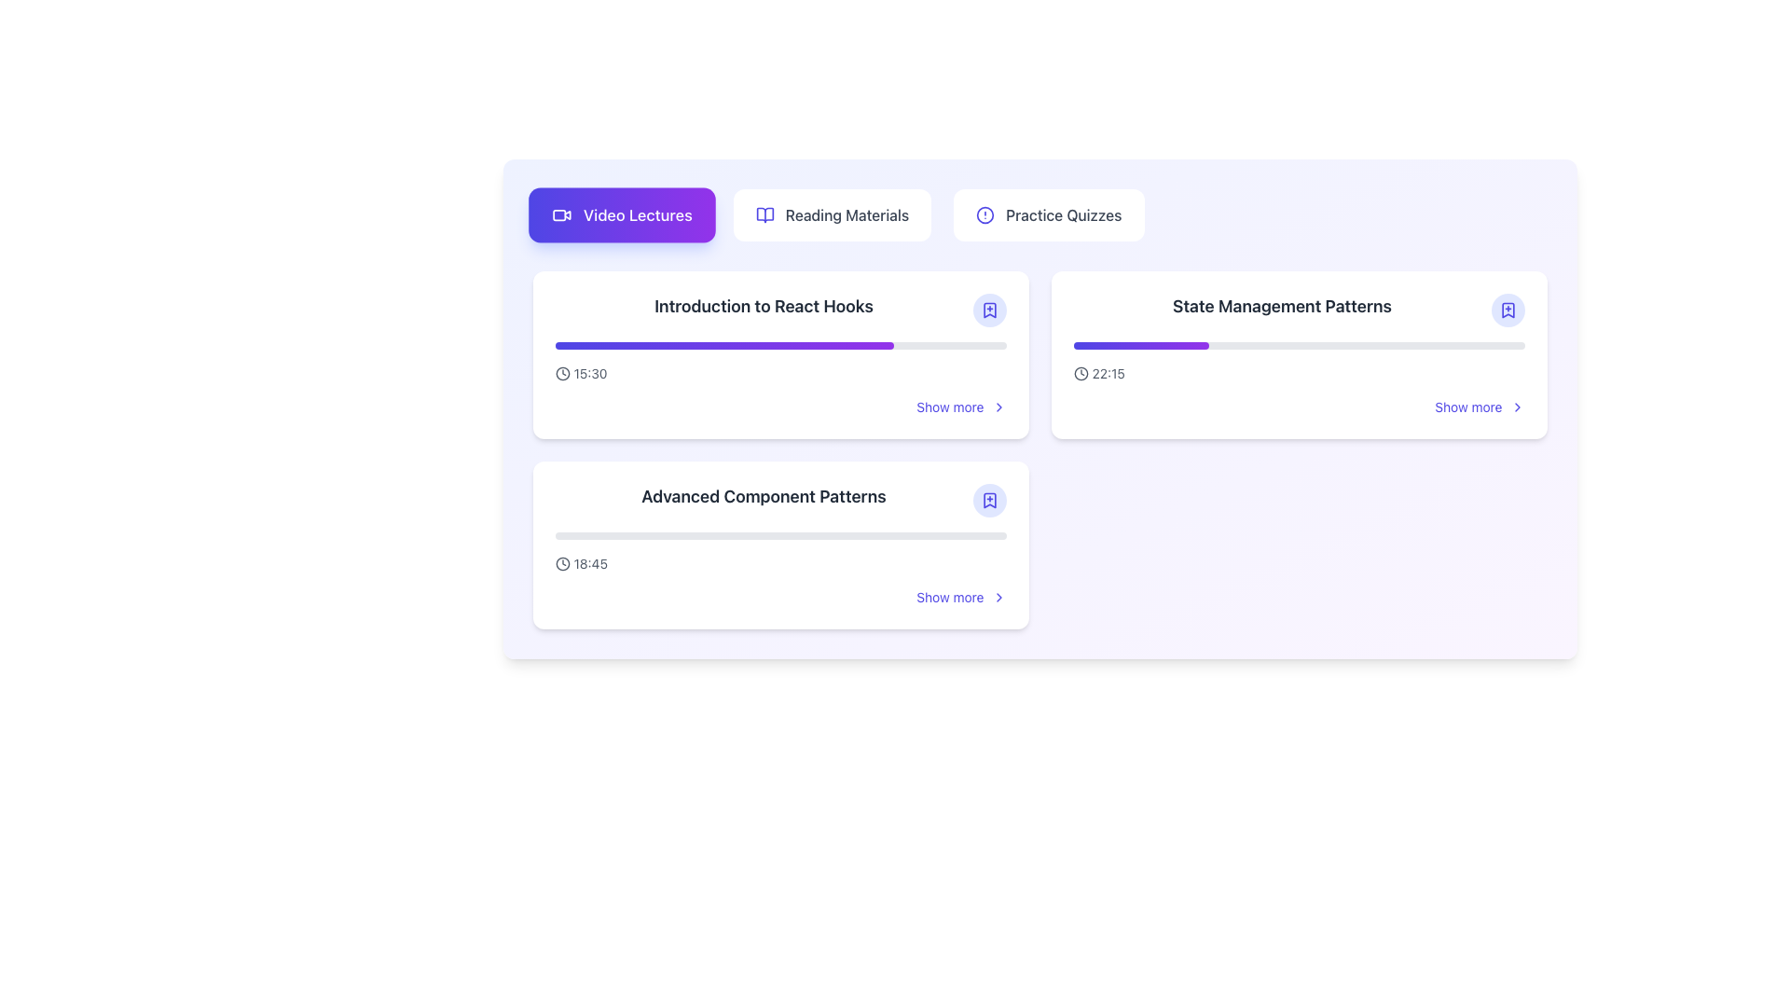 Image resolution: width=1790 pixels, height=1007 pixels. What do you see at coordinates (561, 563) in the screenshot?
I see `the circular outline representing the outer circle of the clock icon located in the lower left corner of the 'Advanced Component Patterns' card` at bounding box center [561, 563].